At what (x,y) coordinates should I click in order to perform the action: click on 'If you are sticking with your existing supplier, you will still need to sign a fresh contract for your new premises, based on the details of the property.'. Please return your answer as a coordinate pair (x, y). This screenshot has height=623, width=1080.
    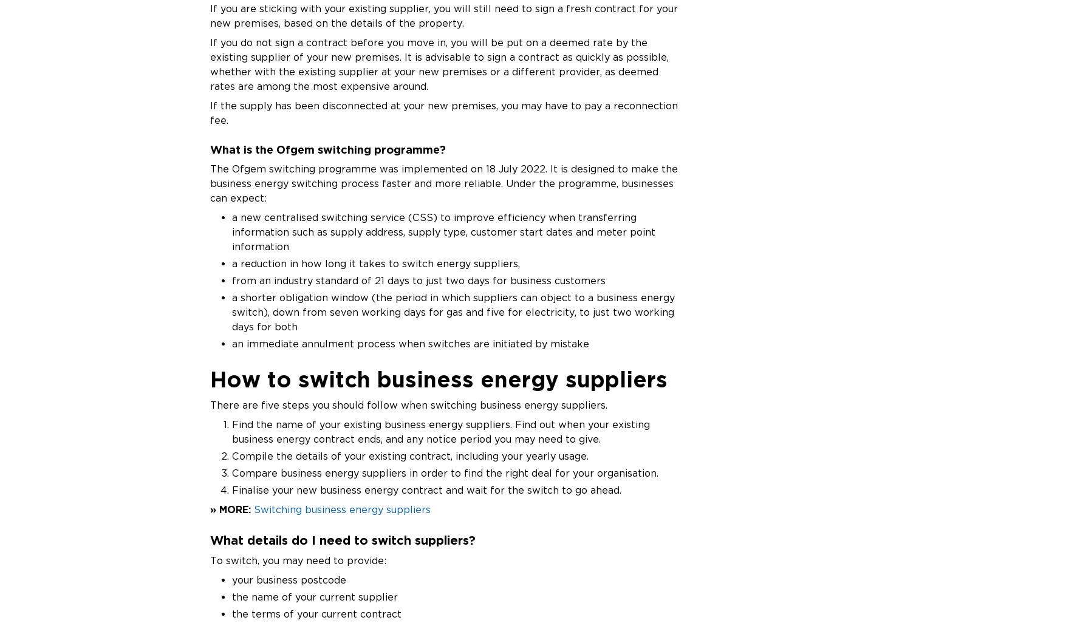
    Looking at the image, I should click on (443, 15).